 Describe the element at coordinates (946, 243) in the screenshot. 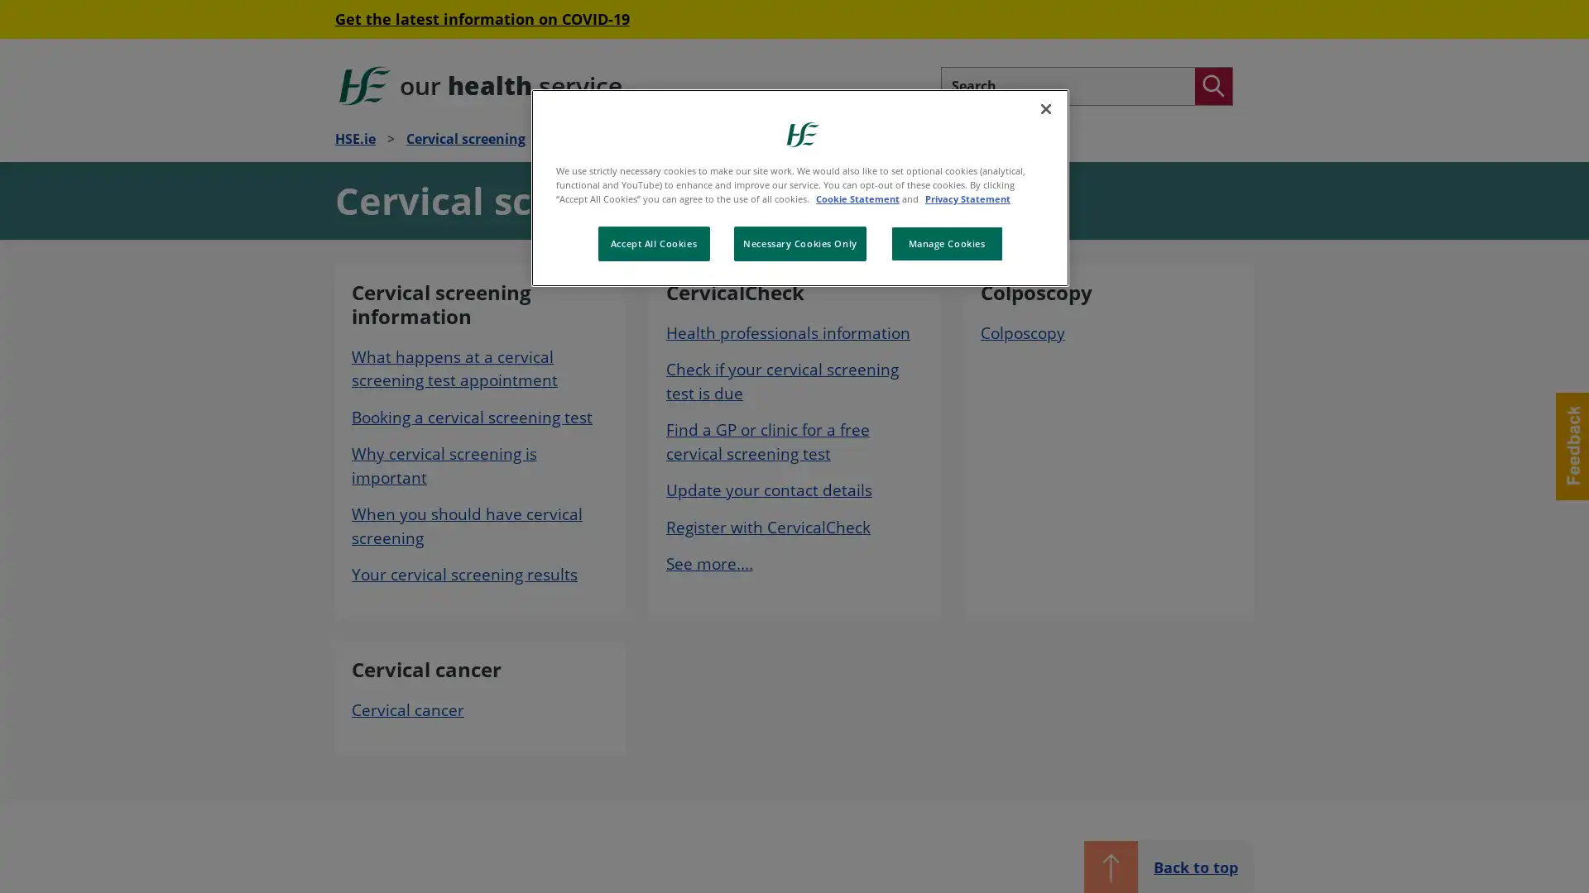

I see `Manage Cookies` at that location.